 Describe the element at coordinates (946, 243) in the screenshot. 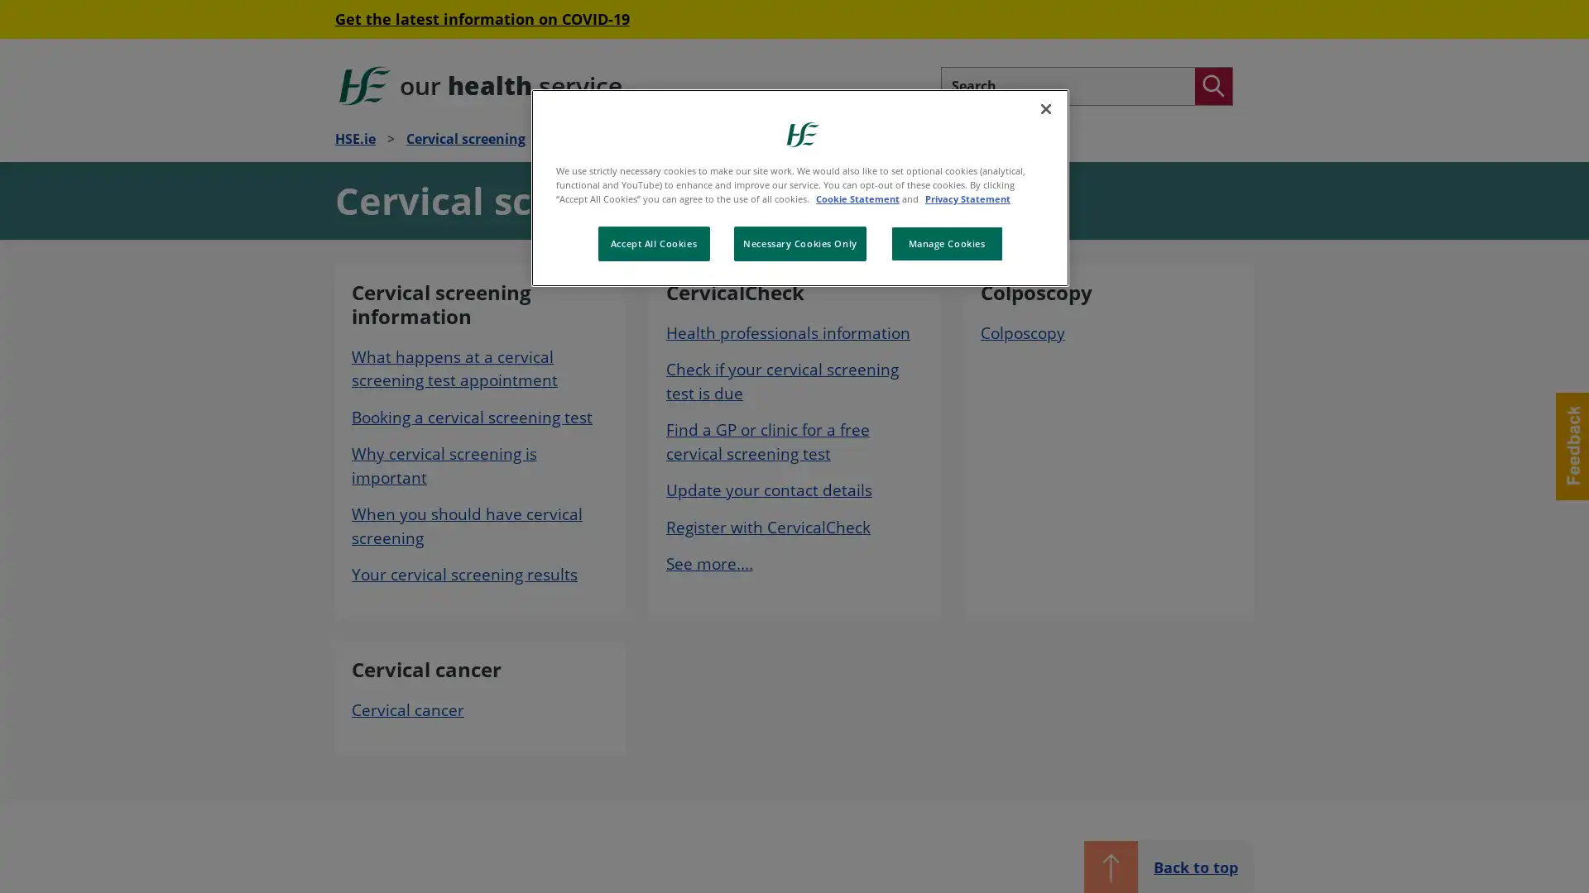

I see `Manage Cookies` at that location.